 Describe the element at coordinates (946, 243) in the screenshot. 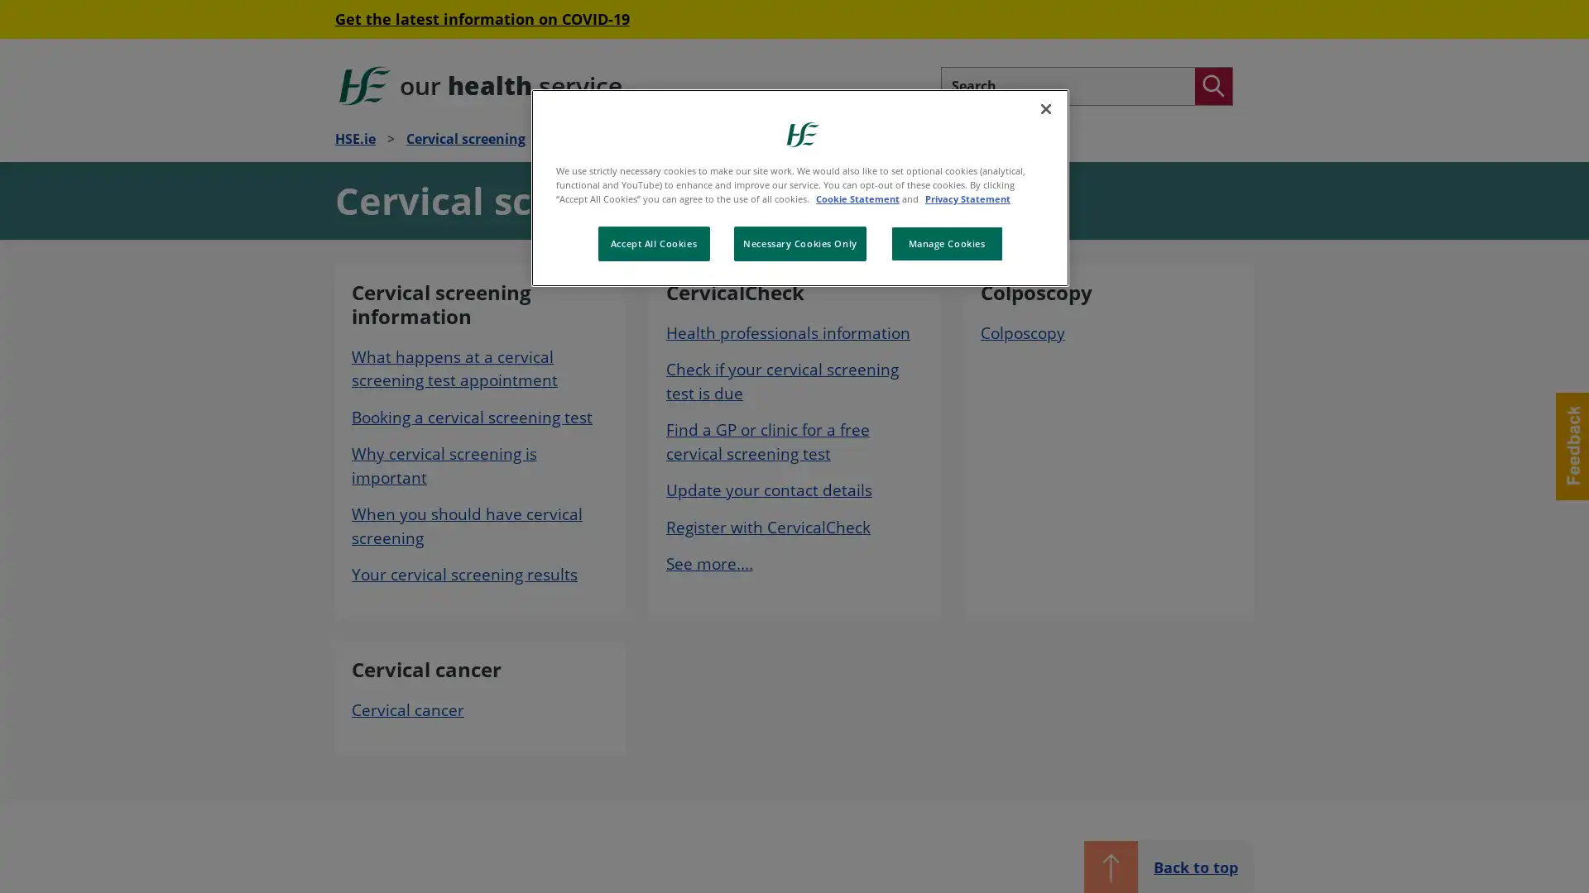

I see `Manage Cookies` at that location.